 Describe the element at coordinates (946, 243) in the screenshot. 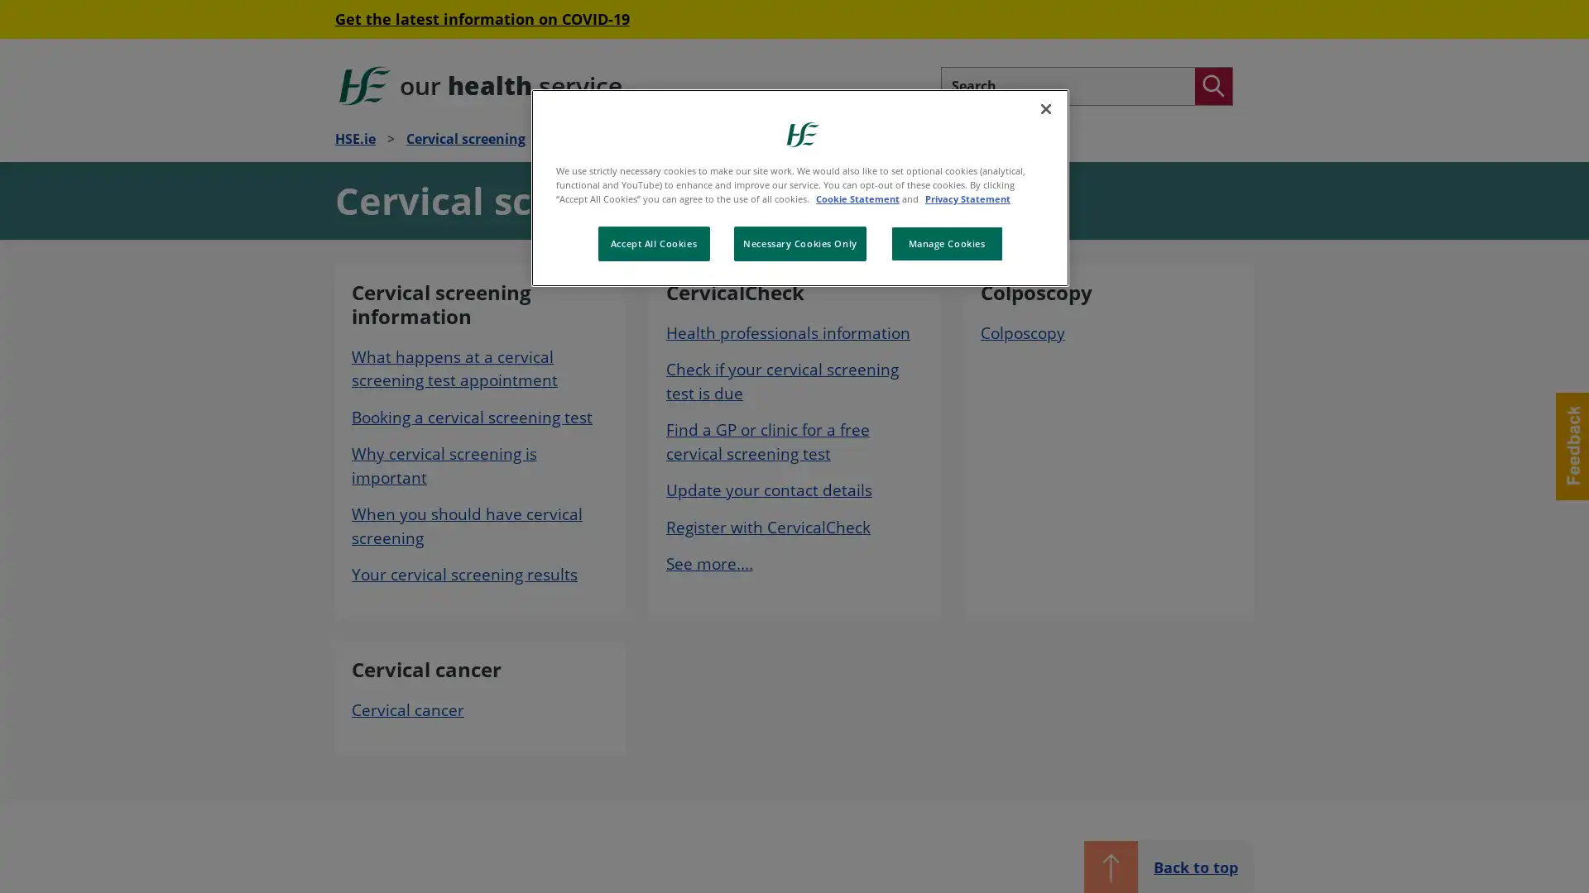

I see `Manage Cookies` at that location.